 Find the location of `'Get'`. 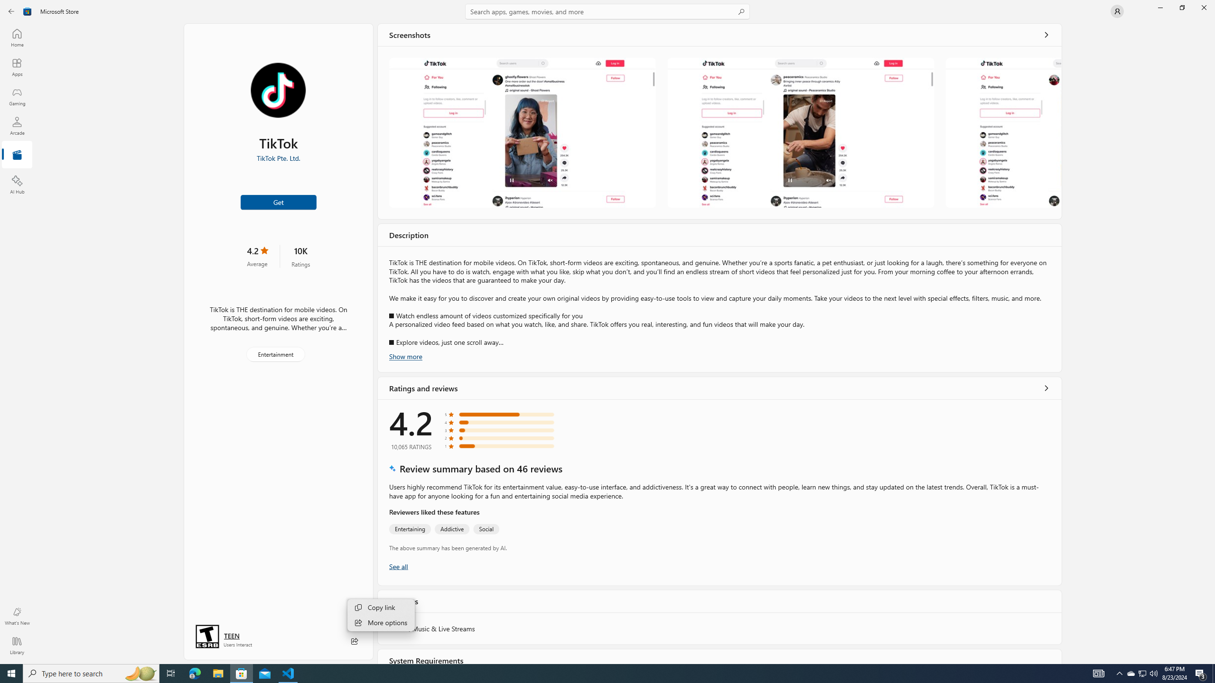

'Get' is located at coordinates (279, 202).